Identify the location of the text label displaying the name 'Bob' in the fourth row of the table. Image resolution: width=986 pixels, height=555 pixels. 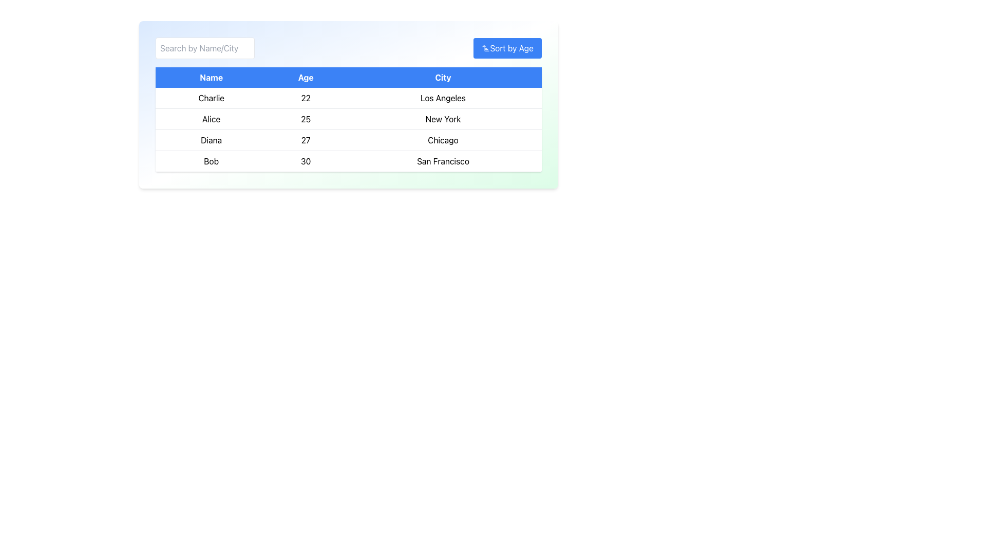
(211, 161).